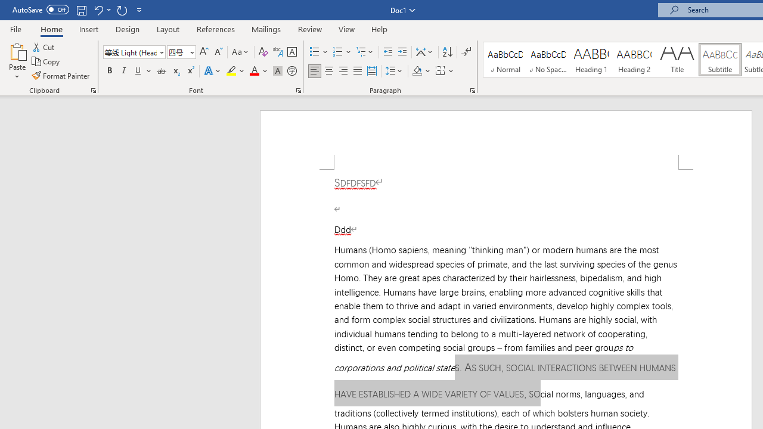  What do you see at coordinates (138, 71) in the screenshot?
I see `'Underline'` at bounding box center [138, 71].